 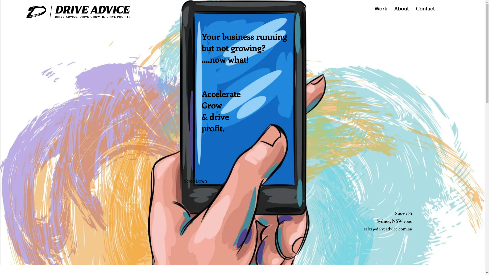 I want to click on 'Work', so click(x=381, y=8).